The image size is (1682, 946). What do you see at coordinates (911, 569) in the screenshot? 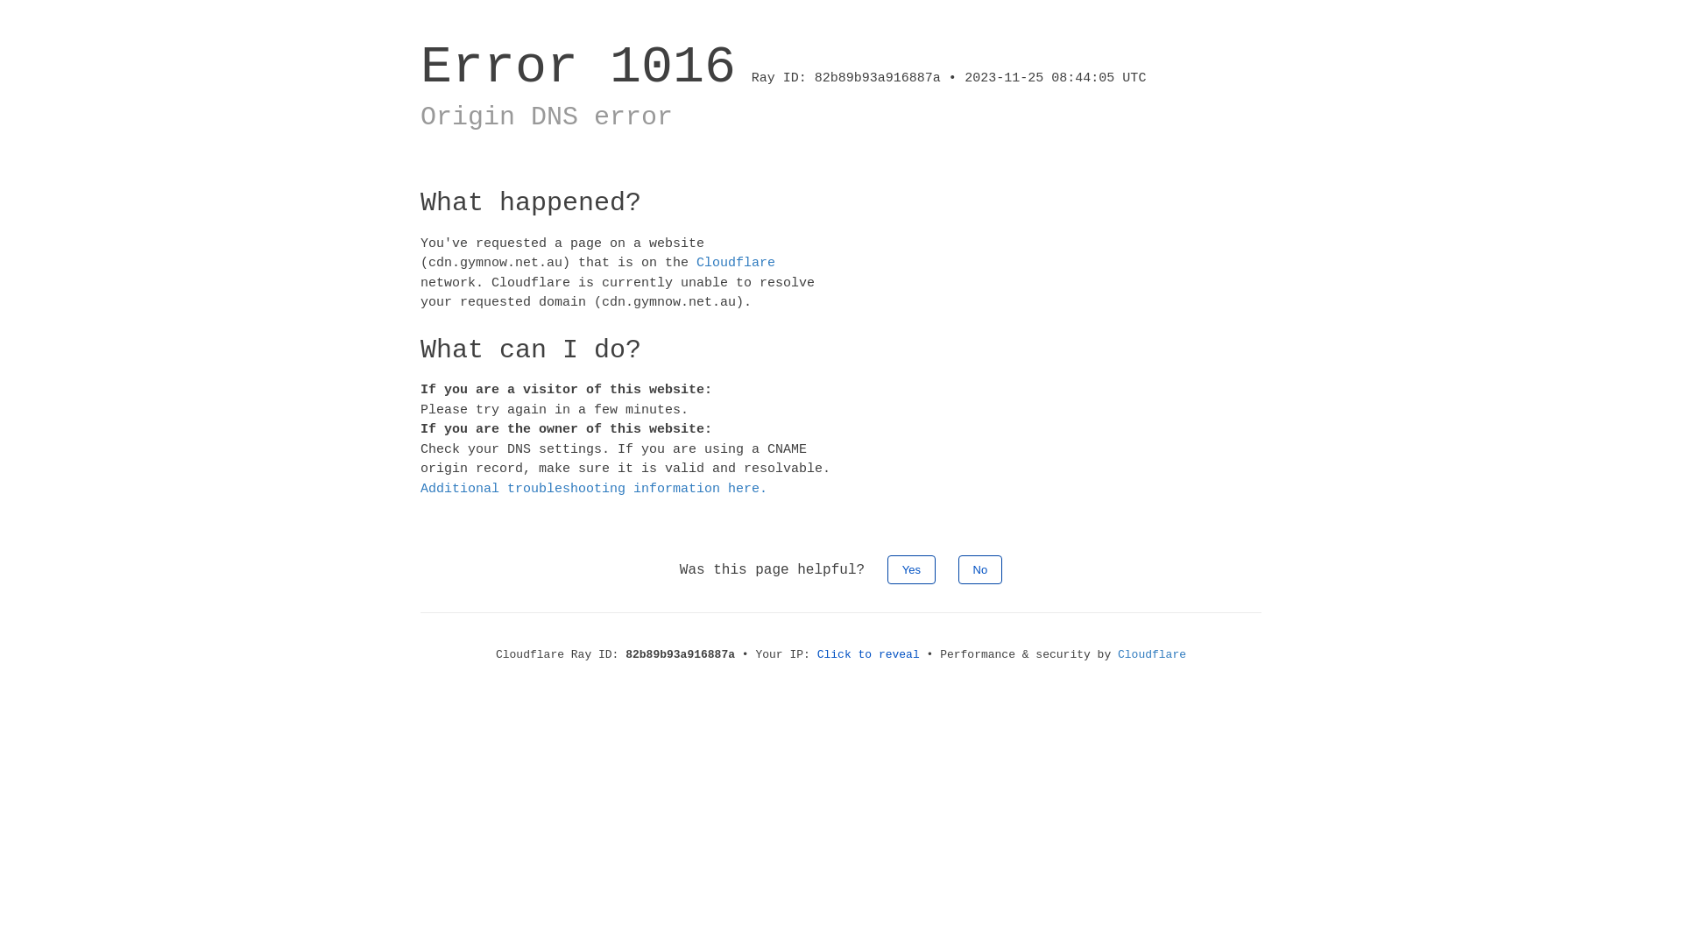
I see `'Yes'` at bounding box center [911, 569].